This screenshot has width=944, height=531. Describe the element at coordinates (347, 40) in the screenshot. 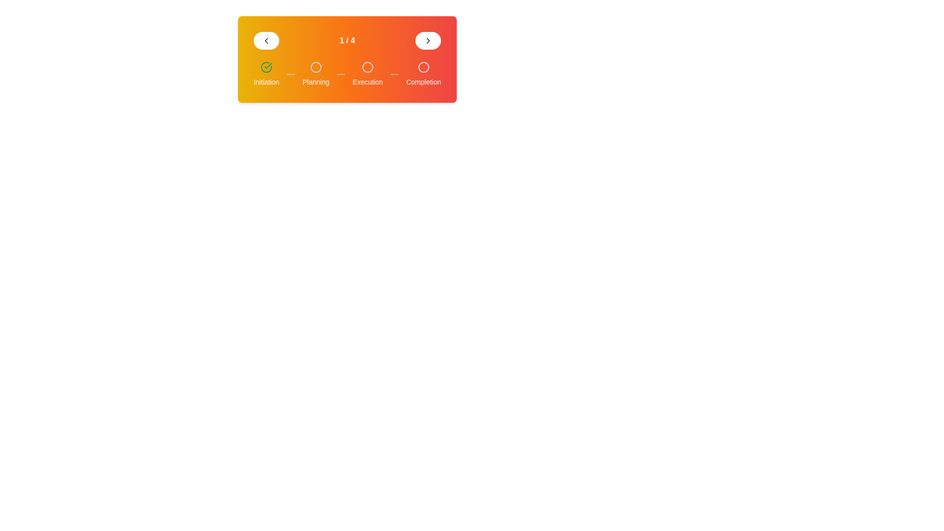

I see `the central text display indicator showing '1 / 4' within the navigation panel, positioned between the backward and forward navigation buttons` at that location.